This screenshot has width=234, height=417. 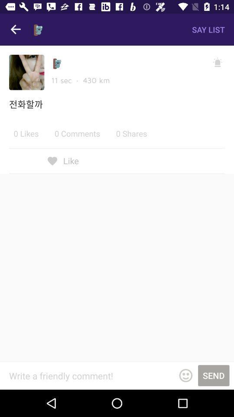 I want to click on the arrow_backward icon, so click(x=16, y=30).